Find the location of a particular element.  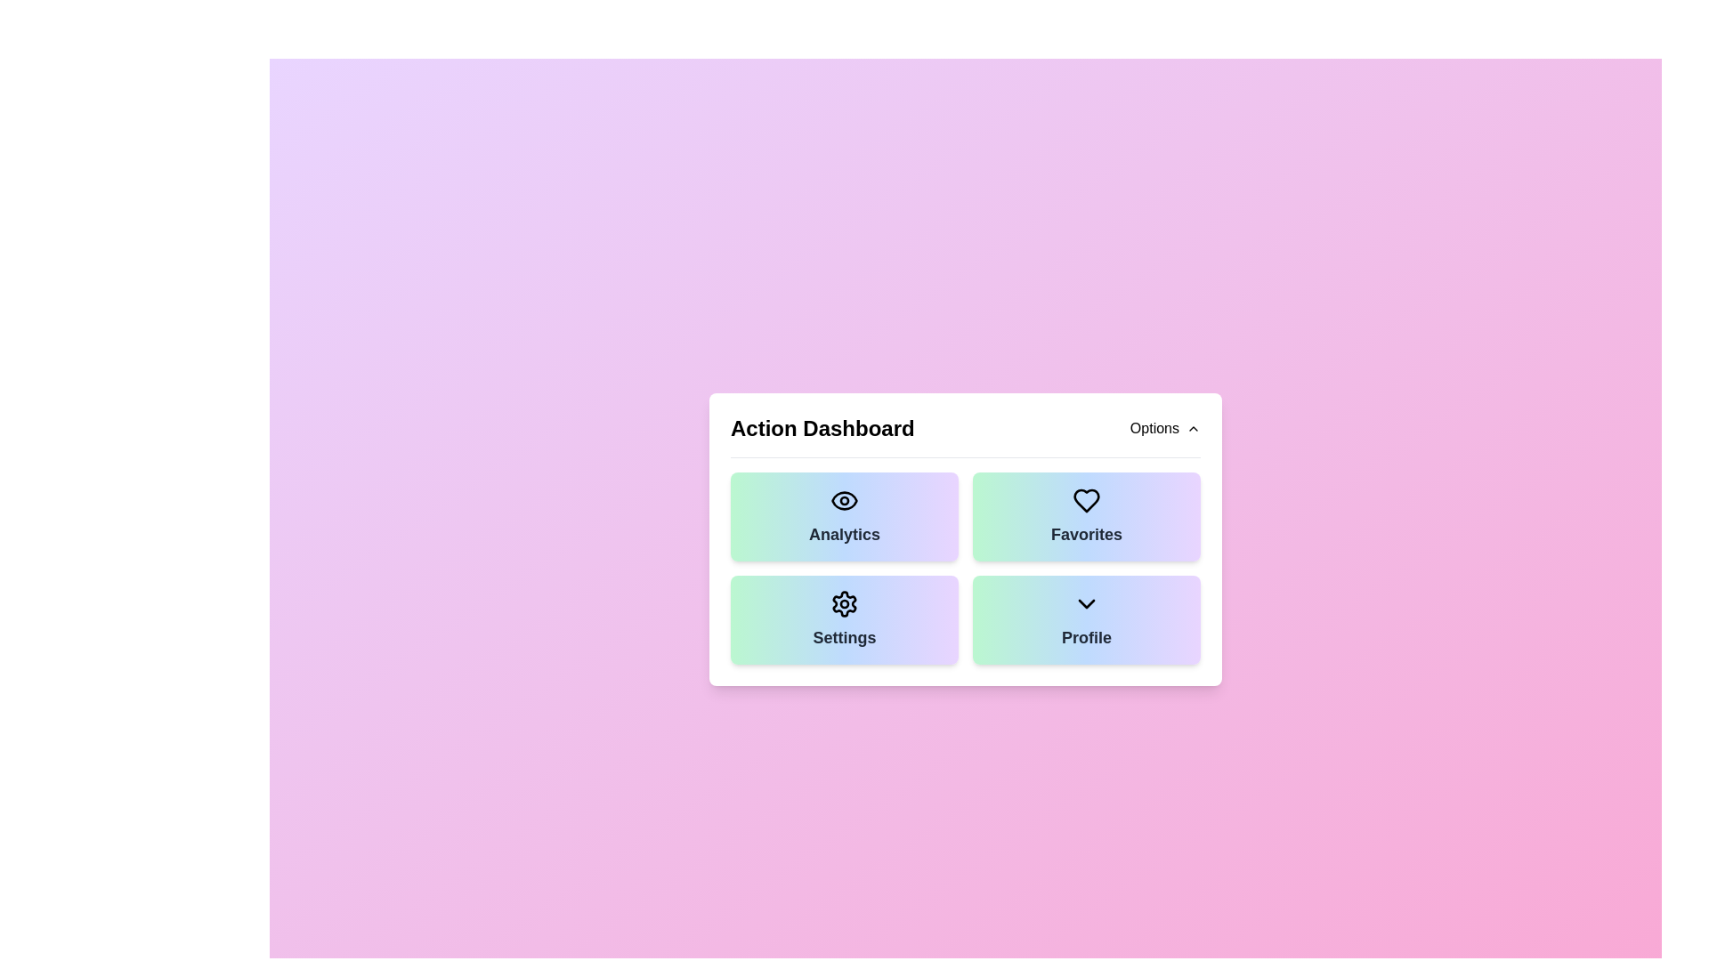

the 'Analytics' card, which has a gradient background from green to purple and an eye icon at the top is located at coordinates (844, 515).